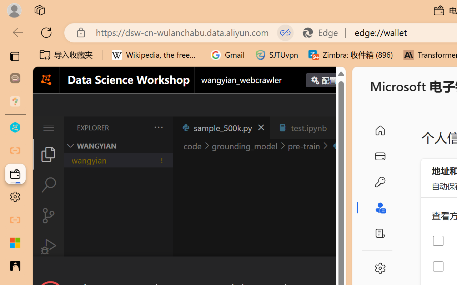 The height and width of the screenshot is (285, 457). Describe the element at coordinates (337, 128) in the screenshot. I see `'Tab actions'` at that location.